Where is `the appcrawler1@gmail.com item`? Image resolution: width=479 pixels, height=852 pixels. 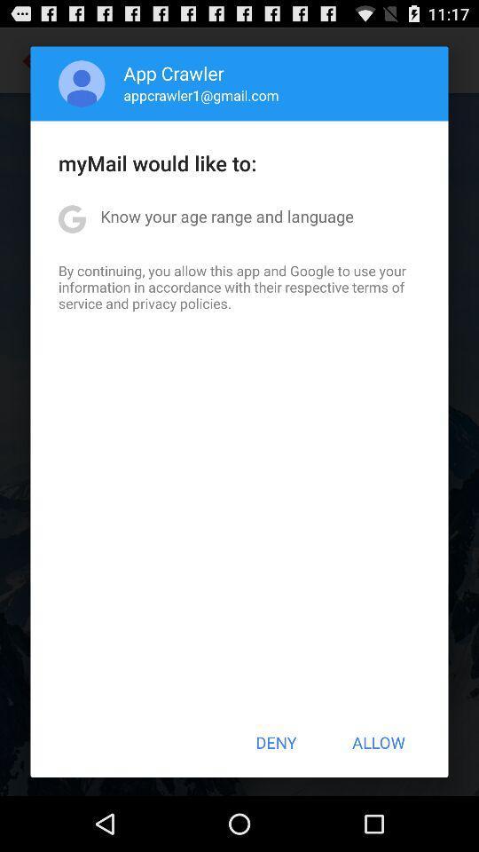 the appcrawler1@gmail.com item is located at coordinates (200, 95).